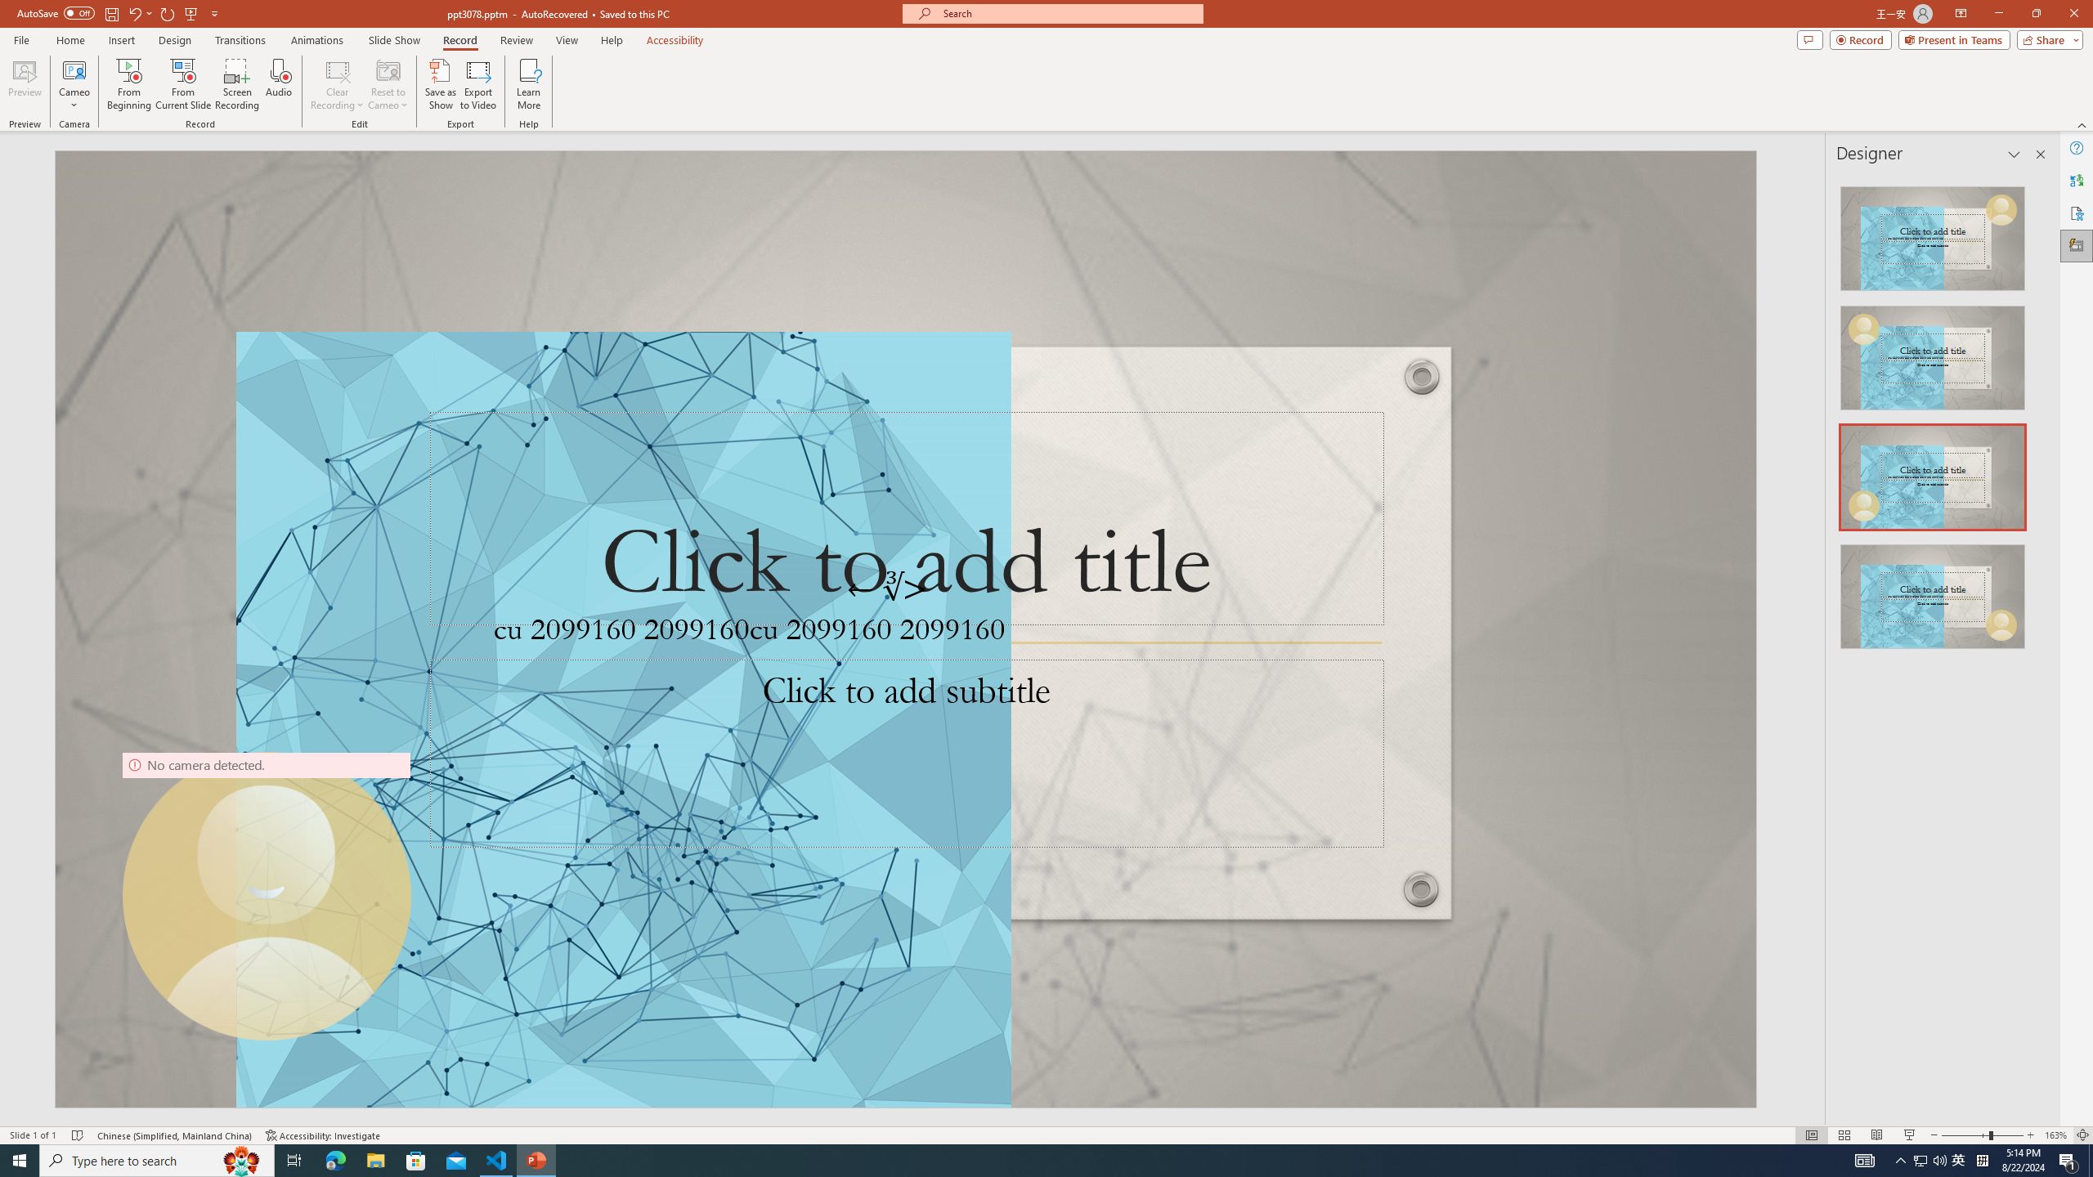 This screenshot has height=1177, width=2093. Describe the element at coordinates (477, 84) in the screenshot. I see `'Export to Video'` at that location.